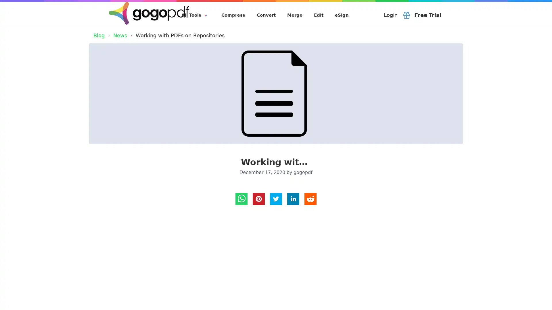  Describe the element at coordinates (293, 199) in the screenshot. I see `linkedin` at that location.